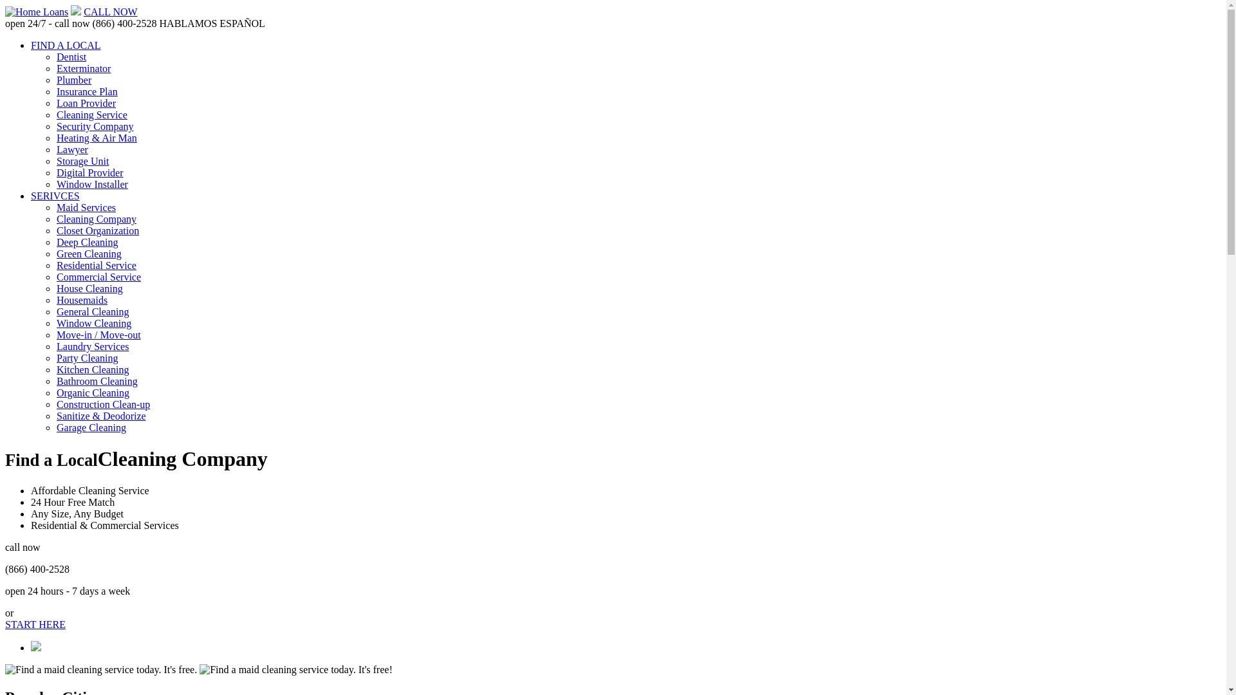 This screenshot has height=695, width=1236. What do you see at coordinates (55, 264) in the screenshot?
I see `'Residential Service'` at bounding box center [55, 264].